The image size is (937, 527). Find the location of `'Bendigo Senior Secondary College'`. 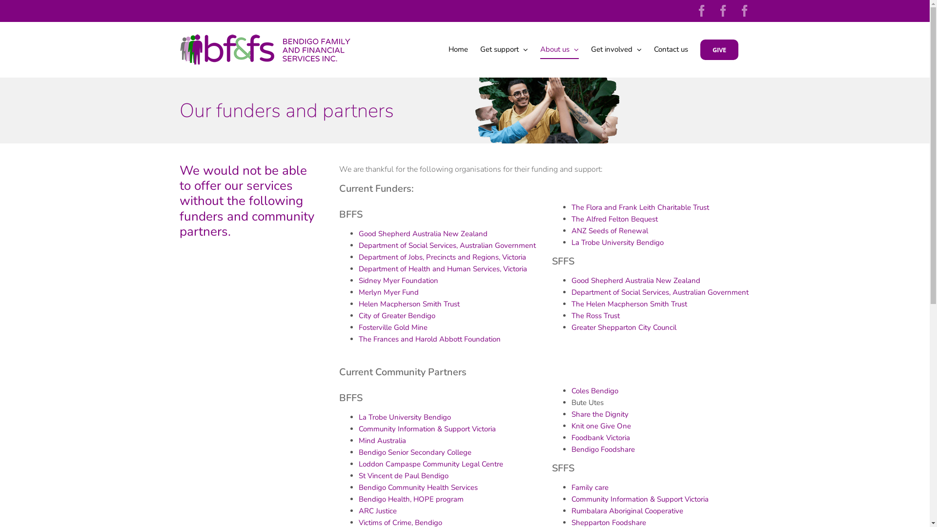

'Bendigo Senior Secondary College' is located at coordinates (415, 452).